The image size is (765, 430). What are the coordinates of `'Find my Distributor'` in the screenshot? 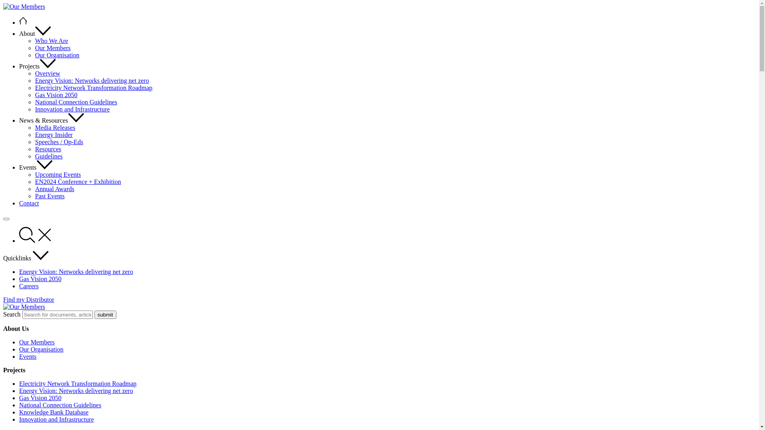 It's located at (29, 299).